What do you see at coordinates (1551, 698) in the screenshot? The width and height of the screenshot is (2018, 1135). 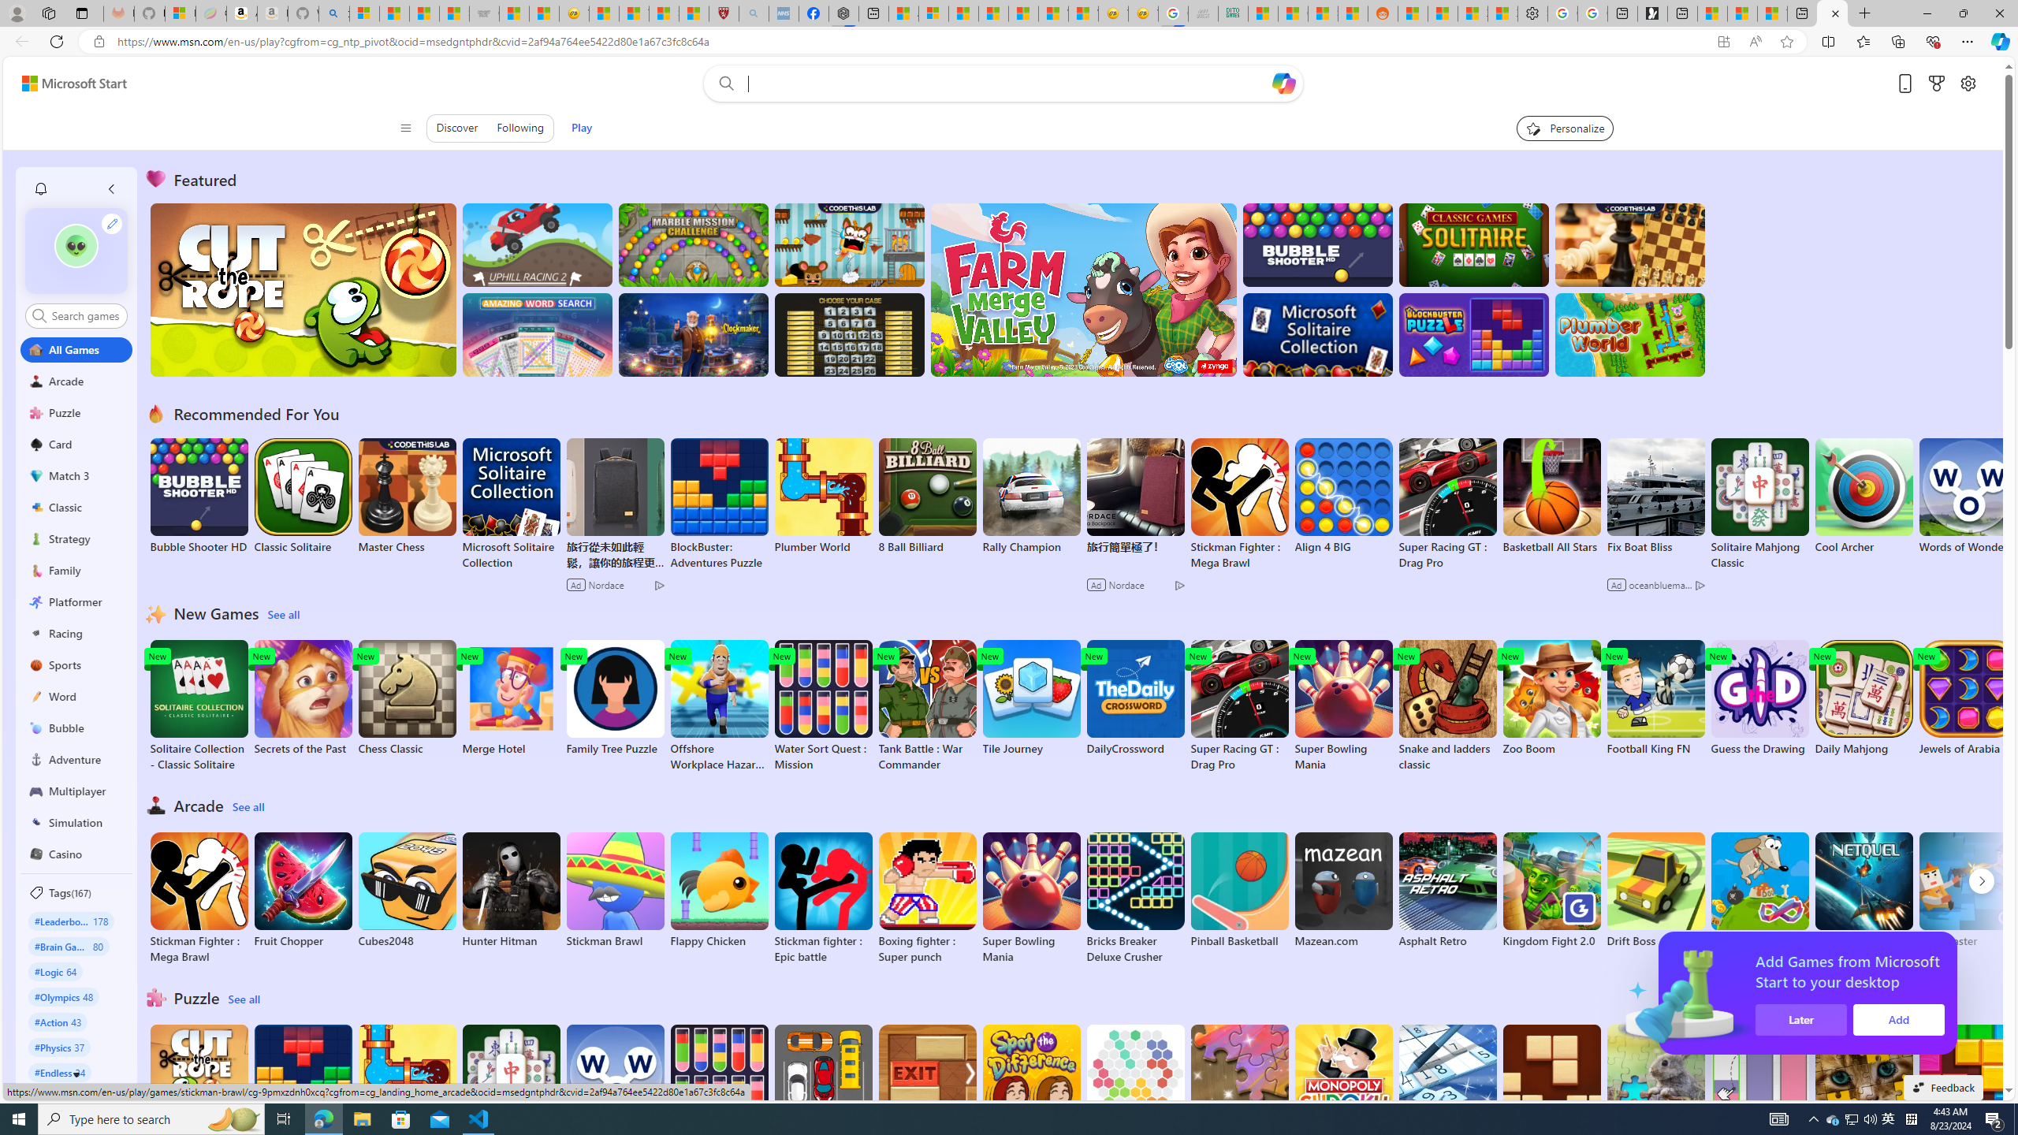 I see `'Zoo Boom'` at bounding box center [1551, 698].